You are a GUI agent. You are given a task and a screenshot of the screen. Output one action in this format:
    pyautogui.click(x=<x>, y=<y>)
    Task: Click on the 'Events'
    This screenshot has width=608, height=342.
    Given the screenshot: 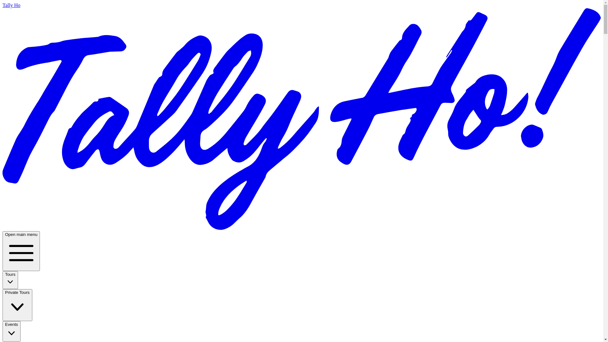 What is the action you would take?
    pyautogui.click(x=3, y=331)
    